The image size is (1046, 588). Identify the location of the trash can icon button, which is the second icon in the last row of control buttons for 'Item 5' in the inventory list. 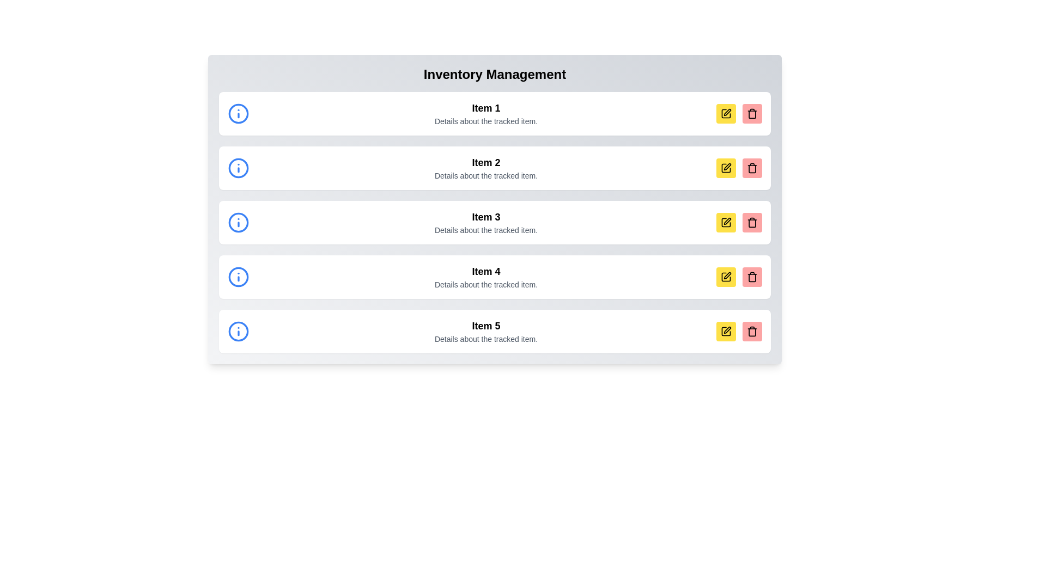
(752, 331).